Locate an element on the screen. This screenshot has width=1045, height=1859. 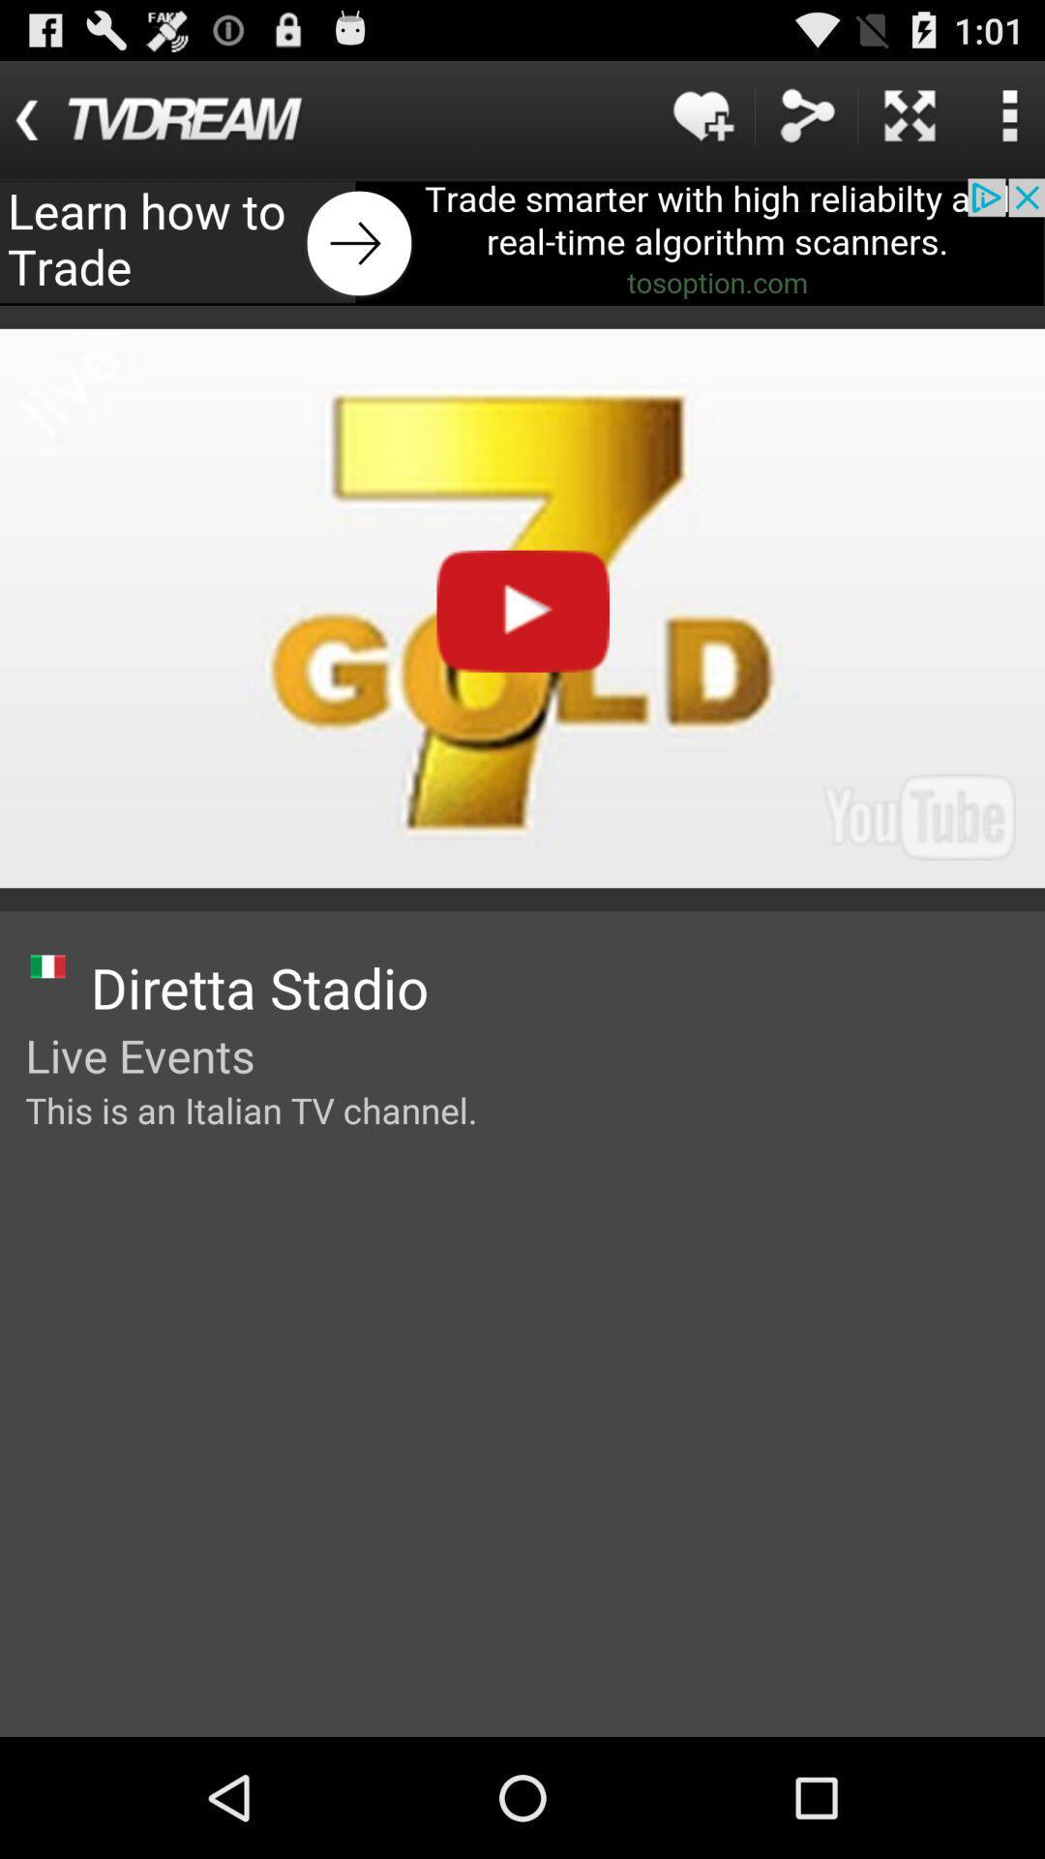
rotate button is located at coordinates (910, 114).